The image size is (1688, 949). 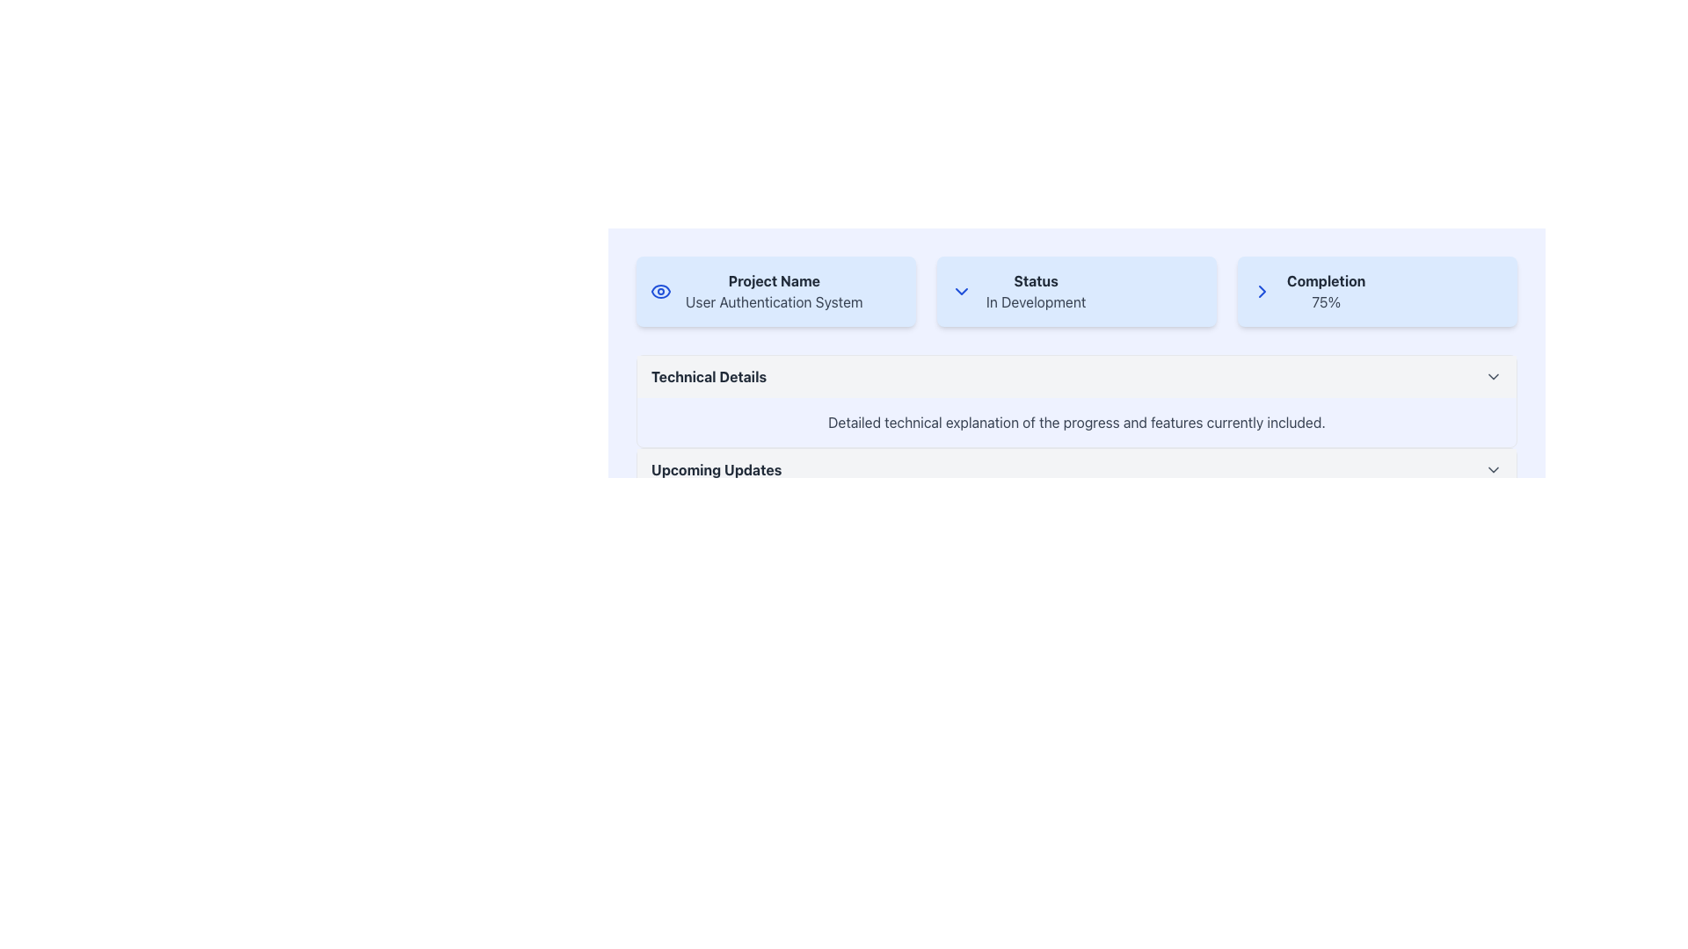 What do you see at coordinates (1075, 423) in the screenshot?
I see `the Static text element displaying technical progress and features, which is styled in gray font and located below the 'Technical Details' header` at bounding box center [1075, 423].